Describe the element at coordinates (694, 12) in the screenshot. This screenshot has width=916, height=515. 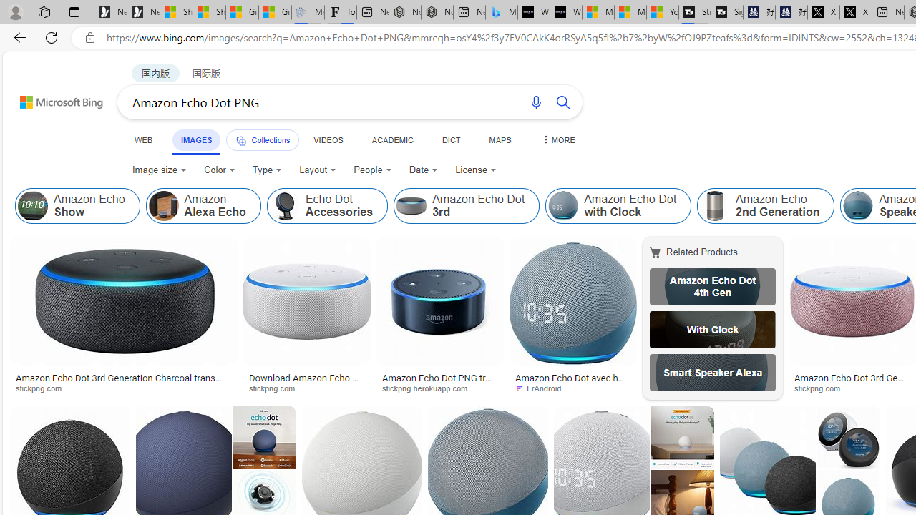
I see `'Streaming Coverage | T3'` at that location.